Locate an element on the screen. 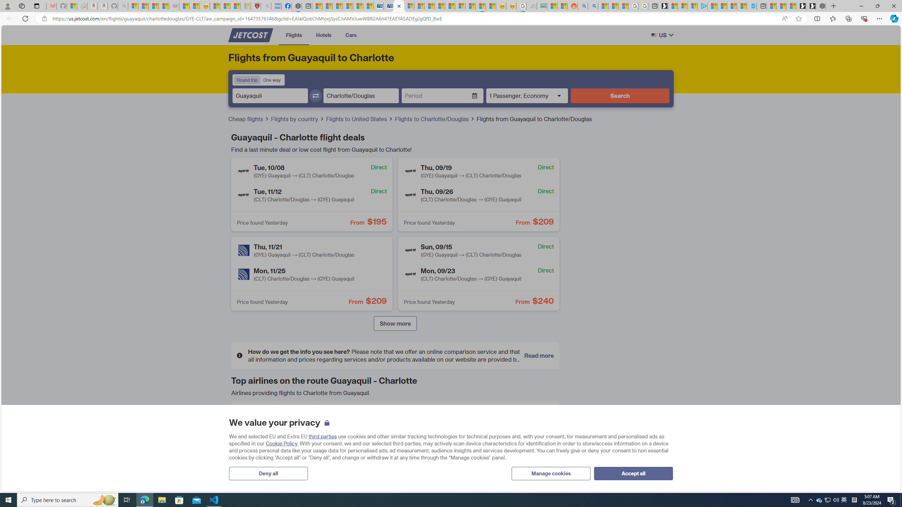 The width and height of the screenshot is (902, 507). 'Arrival place' is located at coordinates (361, 95).